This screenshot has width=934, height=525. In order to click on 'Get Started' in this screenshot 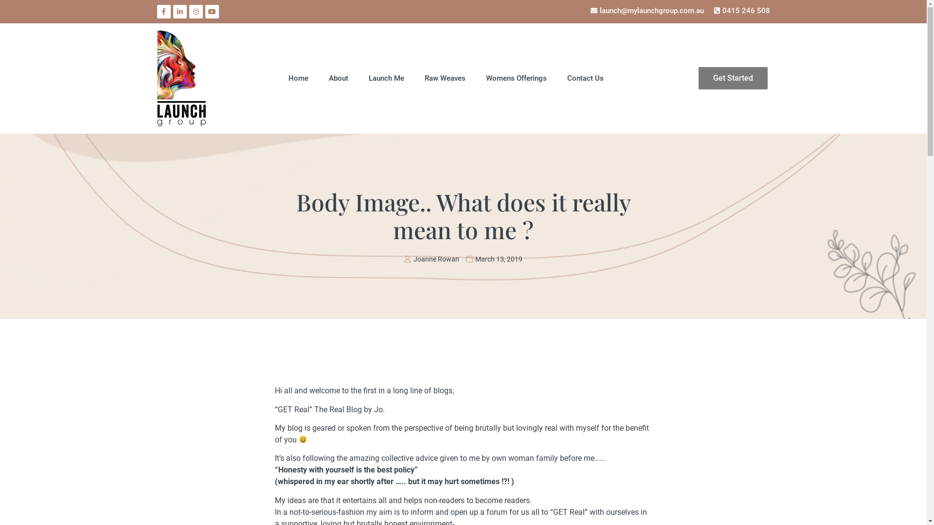, I will do `click(733, 78)`.